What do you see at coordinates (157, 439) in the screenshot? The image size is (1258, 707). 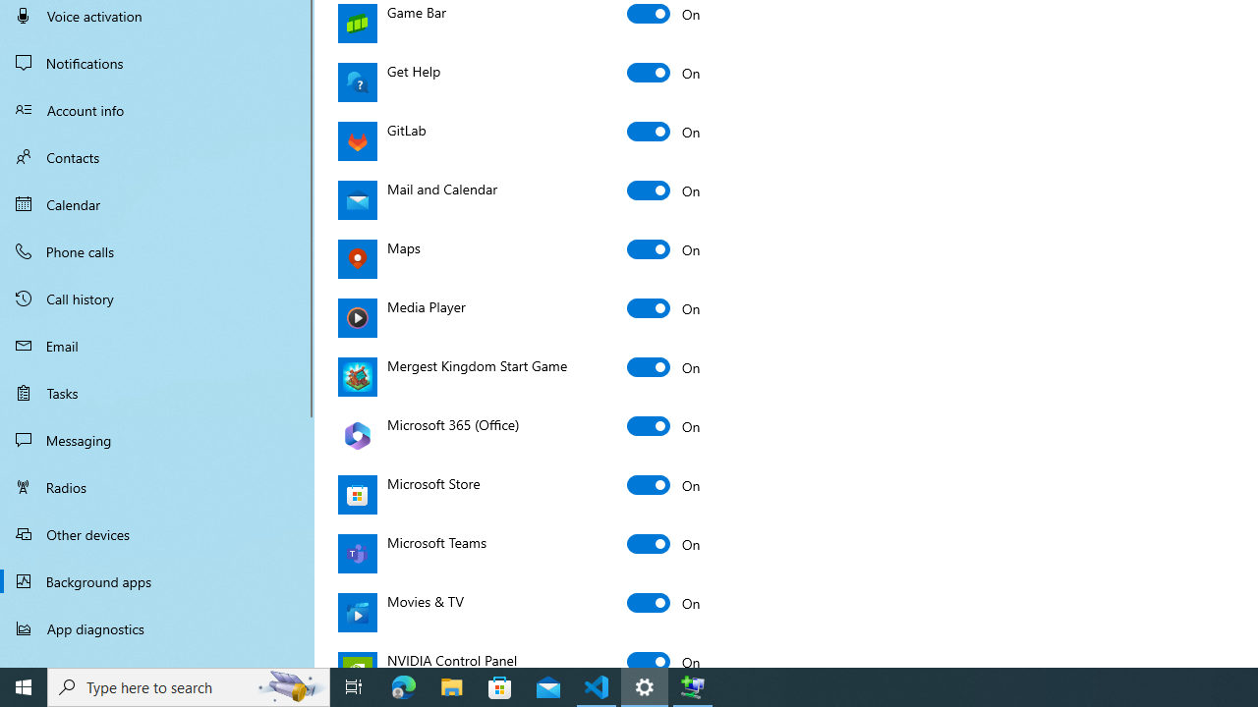 I see `'Messaging'` at bounding box center [157, 439].